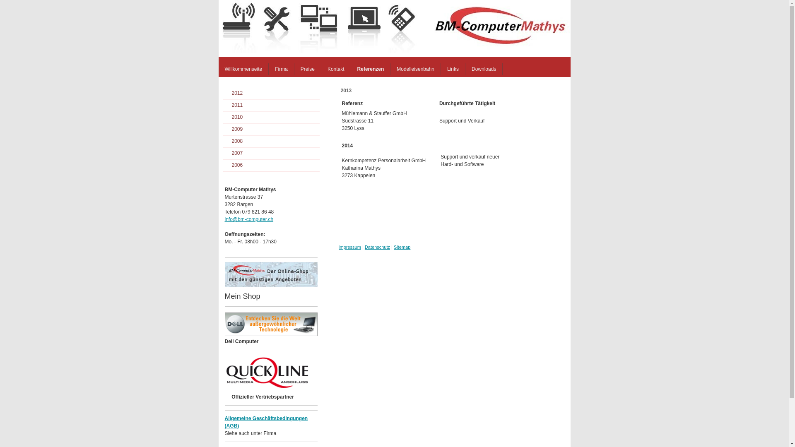 The image size is (795, 447). Describe the element at coordinates (465, 68) in the screenshot. I see `'Downloads'` at that location.